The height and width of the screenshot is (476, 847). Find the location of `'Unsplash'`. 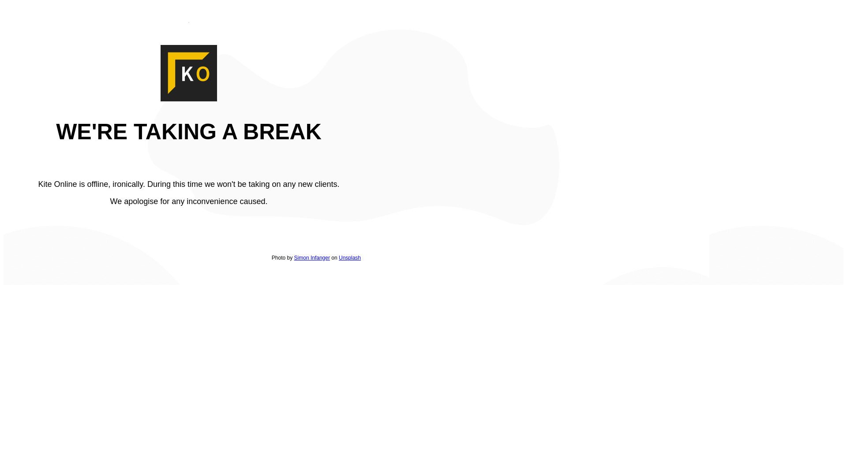

'Unsplash' is located at coordinates (338, 258).